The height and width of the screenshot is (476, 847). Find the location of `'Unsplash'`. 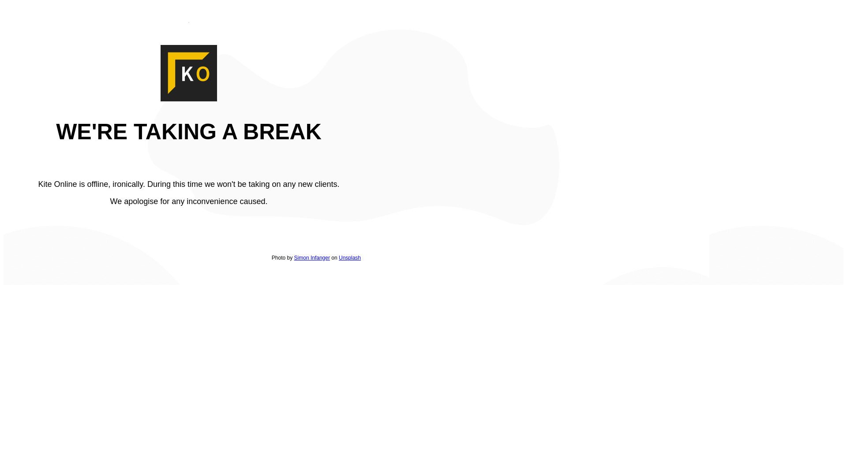

'Unsplash' is located at coordinates (338, 258).